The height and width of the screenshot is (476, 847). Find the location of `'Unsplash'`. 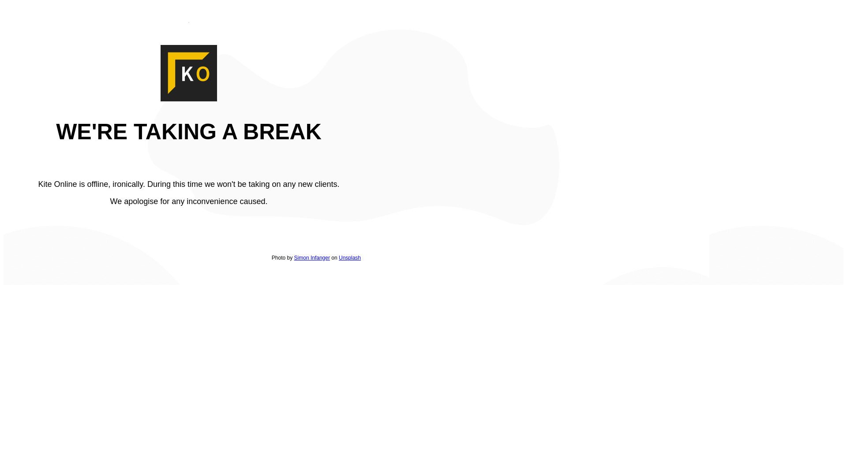

'Unsplash' is located at coordinates (338, 258).